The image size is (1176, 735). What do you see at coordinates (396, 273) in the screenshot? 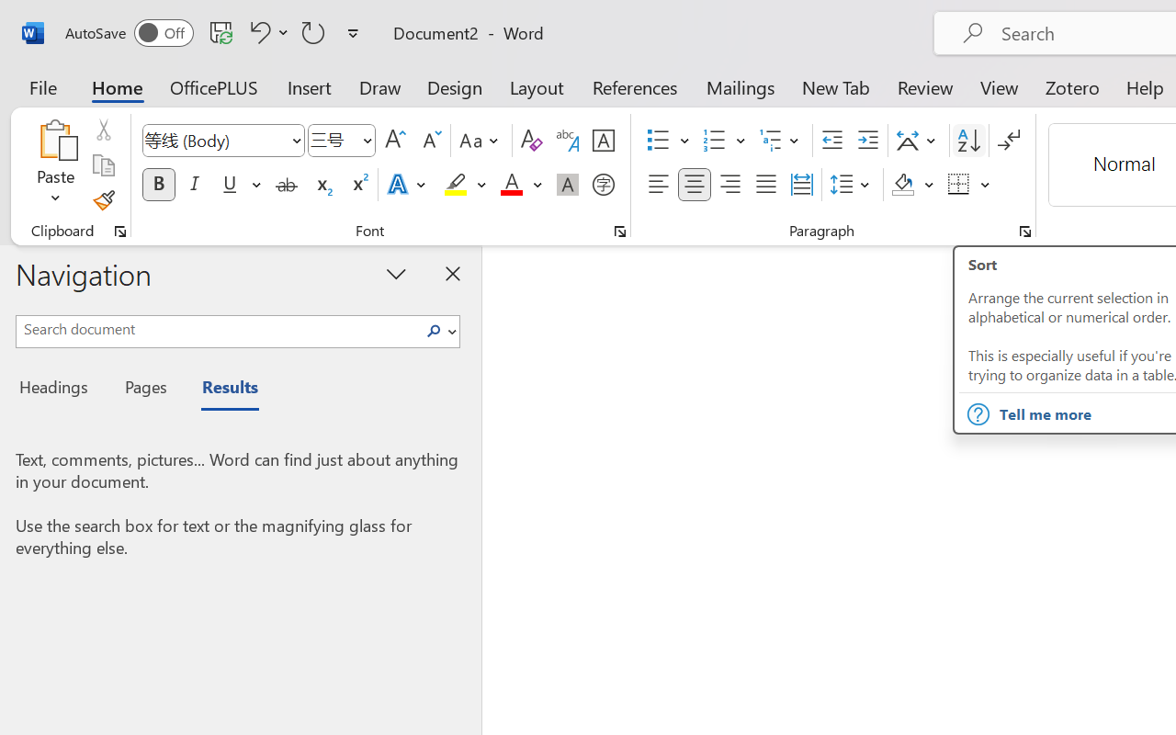
I see `'Task Pane Options'` at bounding box center [396, 273].